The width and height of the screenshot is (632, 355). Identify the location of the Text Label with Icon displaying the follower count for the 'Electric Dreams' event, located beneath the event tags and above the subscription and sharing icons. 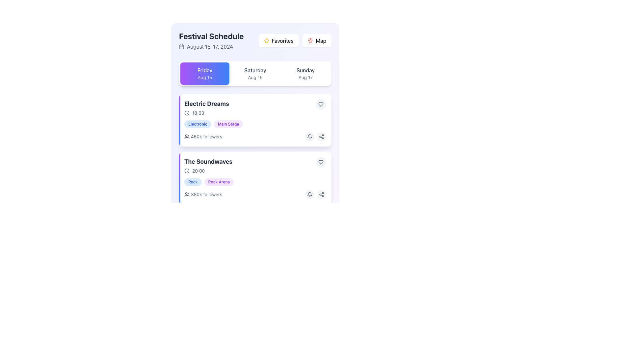
(203, 136).